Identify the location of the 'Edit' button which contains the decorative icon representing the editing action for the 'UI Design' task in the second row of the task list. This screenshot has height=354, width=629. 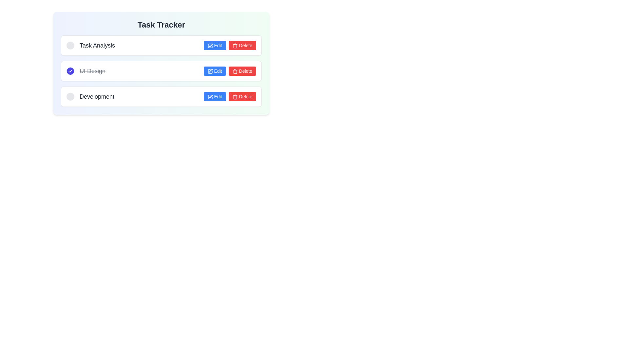
(210, 71).